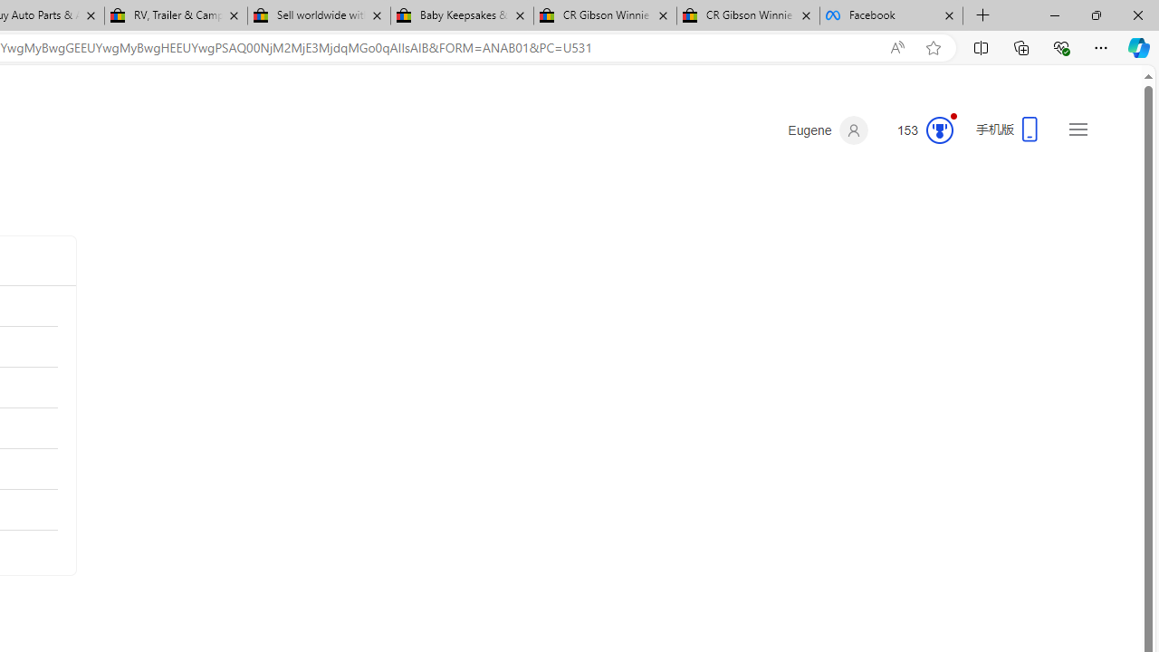  Describe the element at coordinates (980, 46) in the screenshot. I see `'Split screen'` at that location.